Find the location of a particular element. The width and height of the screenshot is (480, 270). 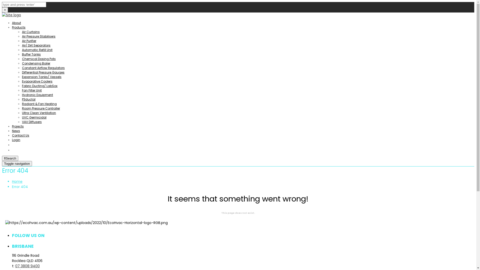

'Air/ Dirt Separators' is located at coordinates (36, 45).